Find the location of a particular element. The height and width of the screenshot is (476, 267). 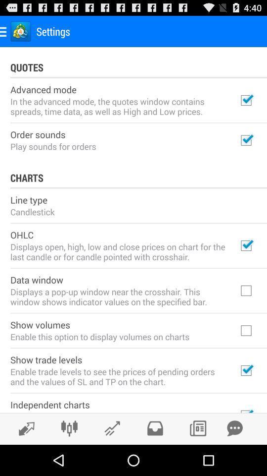

display trends over time is located at coordinates (24, 428).